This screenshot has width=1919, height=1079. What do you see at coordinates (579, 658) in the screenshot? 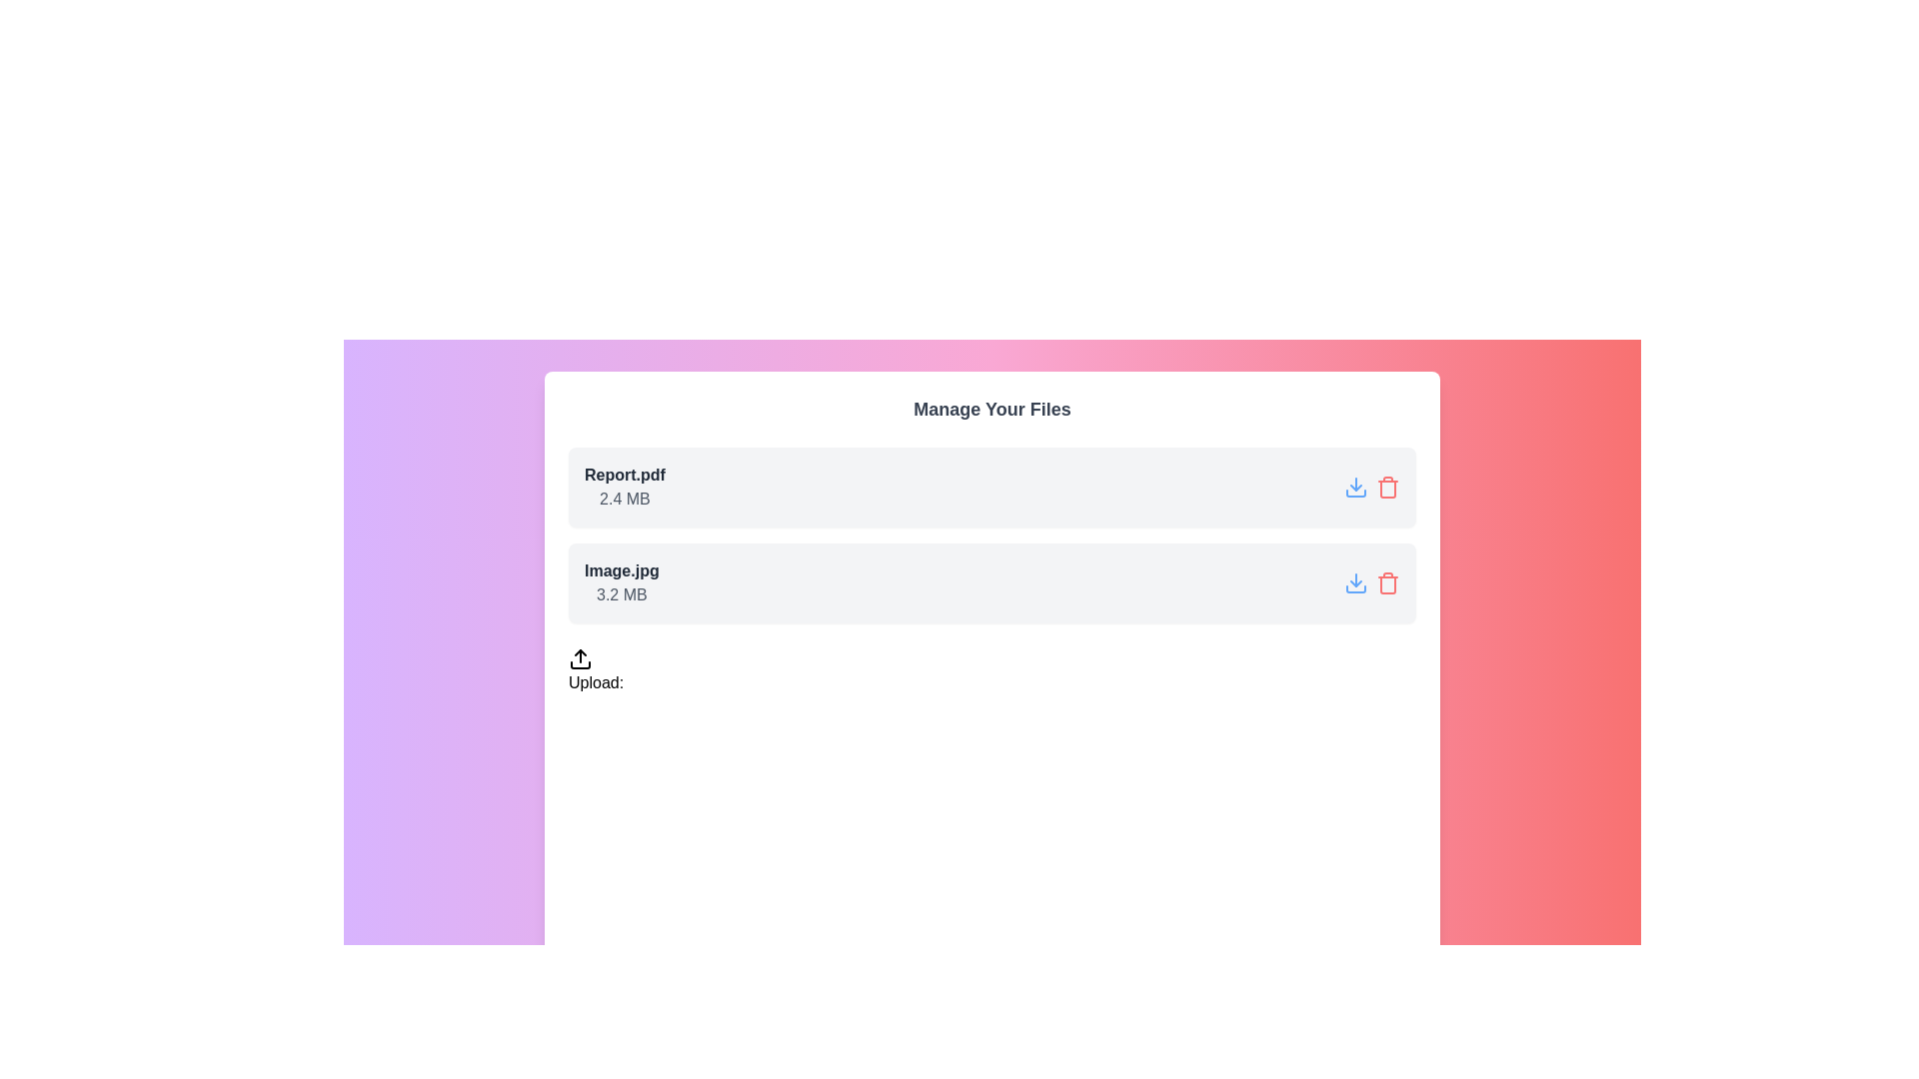
I see `the upload icon button, which is a small icon depicting an upward arrow, located adjacent to the label 'Upload:' at the bottom left of the white card UI` at bounding box center [579, 658].